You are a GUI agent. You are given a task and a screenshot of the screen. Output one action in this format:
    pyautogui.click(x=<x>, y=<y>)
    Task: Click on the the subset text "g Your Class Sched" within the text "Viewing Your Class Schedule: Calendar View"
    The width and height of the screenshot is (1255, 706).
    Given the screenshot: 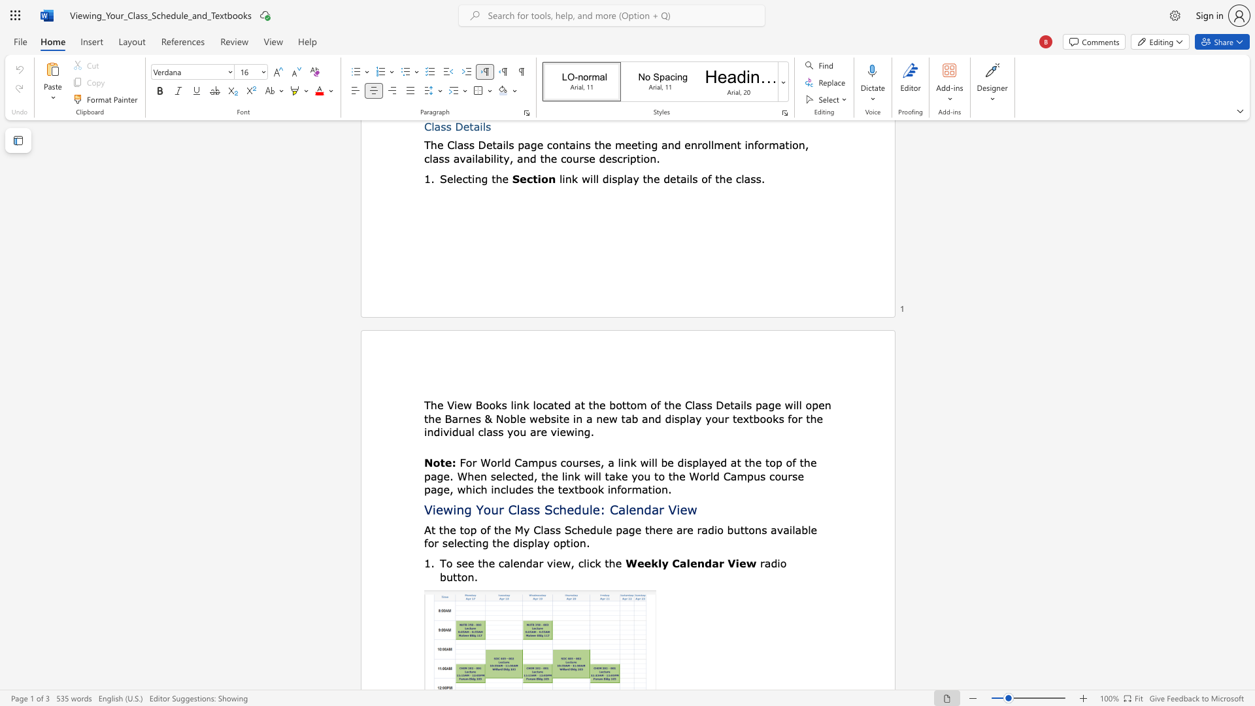 What is the action you would take?
    pyautogui.click(x=464, y=509)
    